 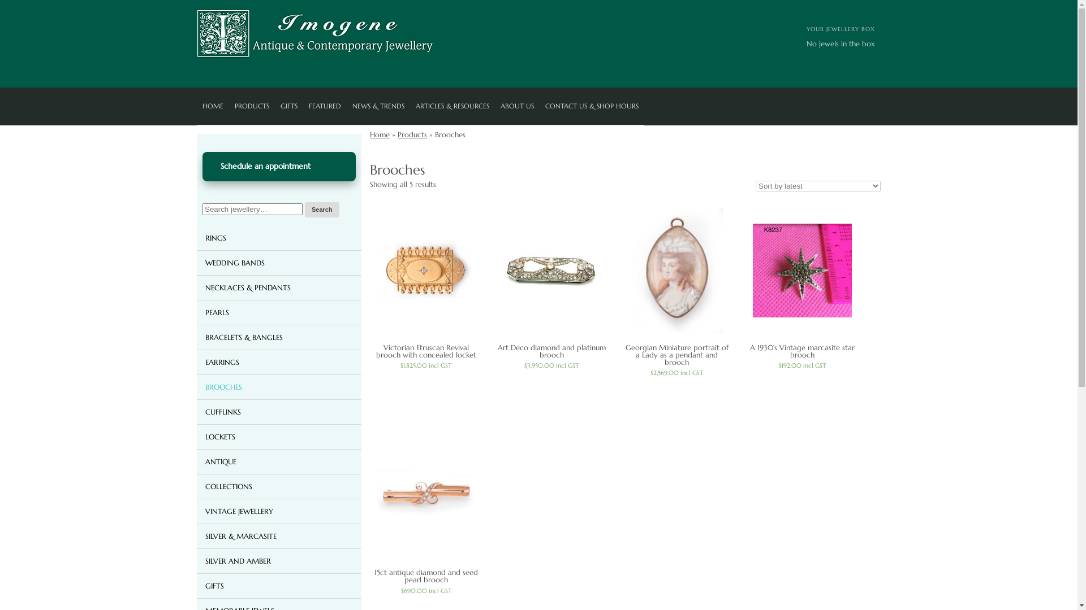 What do you see at coordinates (453, 106) in the screenshot?
I see `'ARTICLES & RESOURCES'` at bounding box center [453, 106].